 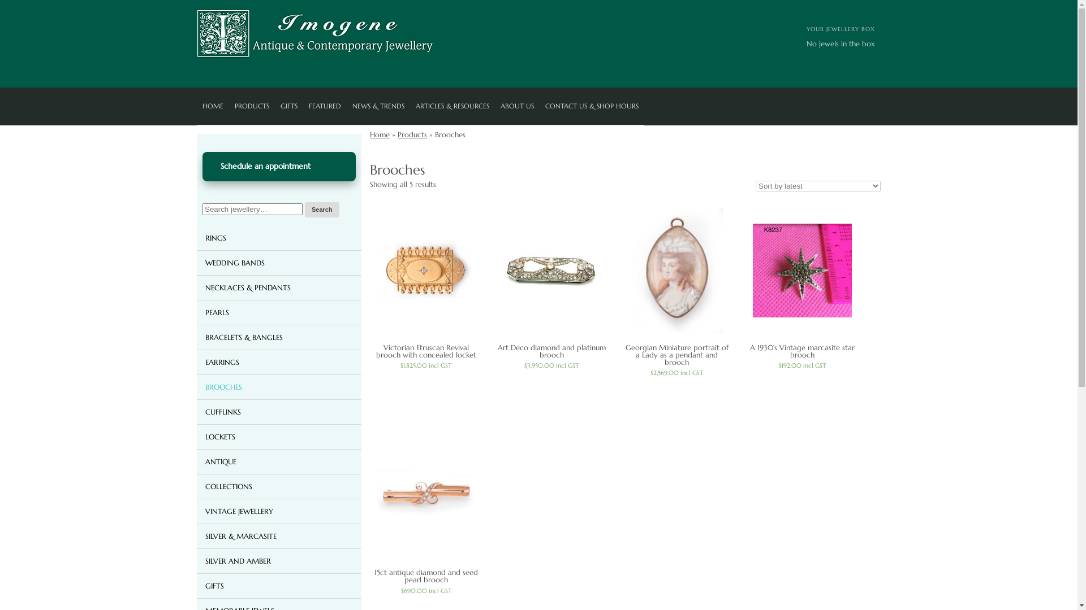 What do you see at coordinates (453, 106) in the screenshot?
I see `'ARTICLES & RESOURCES'` at bounding box center [453, 106].